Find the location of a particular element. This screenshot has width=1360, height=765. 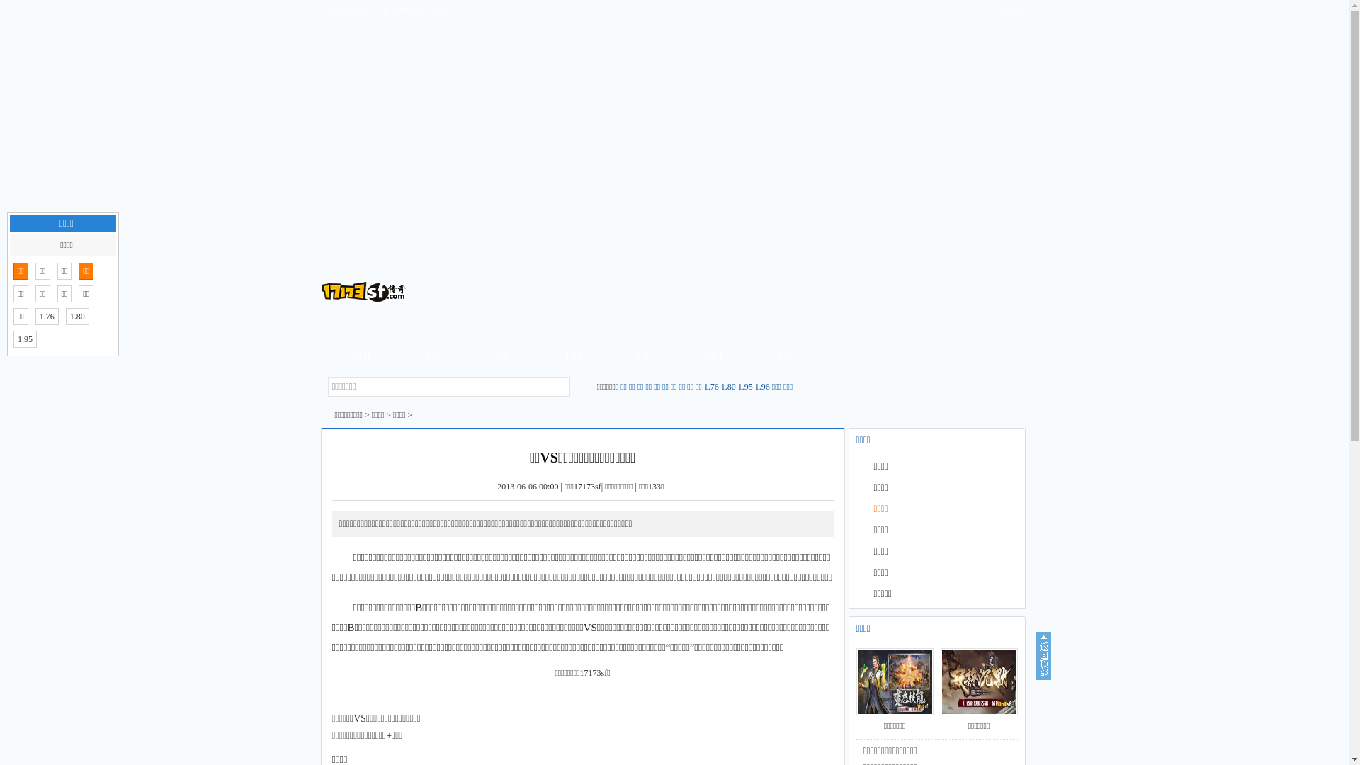

'1.96' is located at coordinates (761, 387).